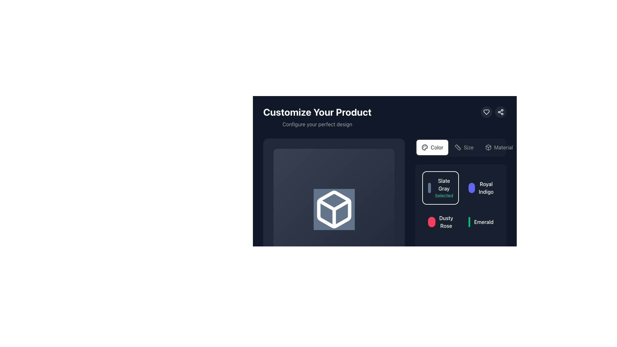 The image size is (617, 347). Describe the element at coordinates (440, 221) in the screenshot. I see `the 'Dusty Rose' button or selectable card` at that location.